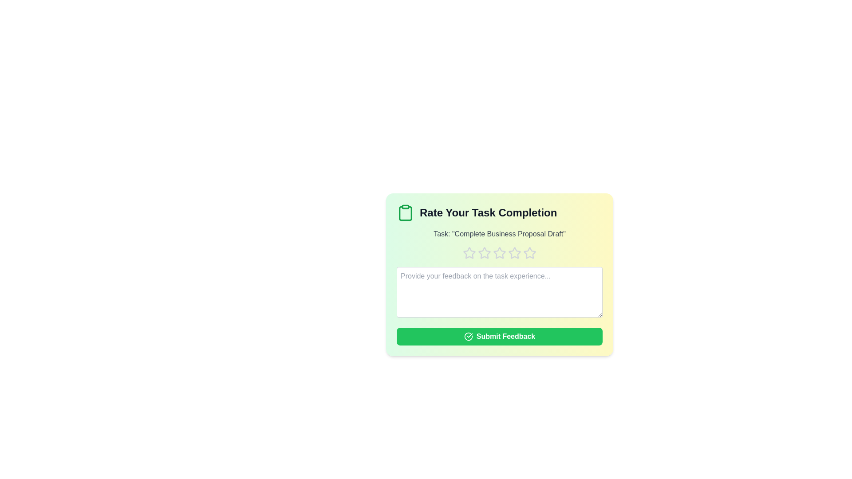 The height and width of the screenshot is (479, 852). What do you see at coordinates (515, 253) in the screenshot?
I see `the rating to 4 stars by clicking on the respective star` at bounding box center [515, 253].